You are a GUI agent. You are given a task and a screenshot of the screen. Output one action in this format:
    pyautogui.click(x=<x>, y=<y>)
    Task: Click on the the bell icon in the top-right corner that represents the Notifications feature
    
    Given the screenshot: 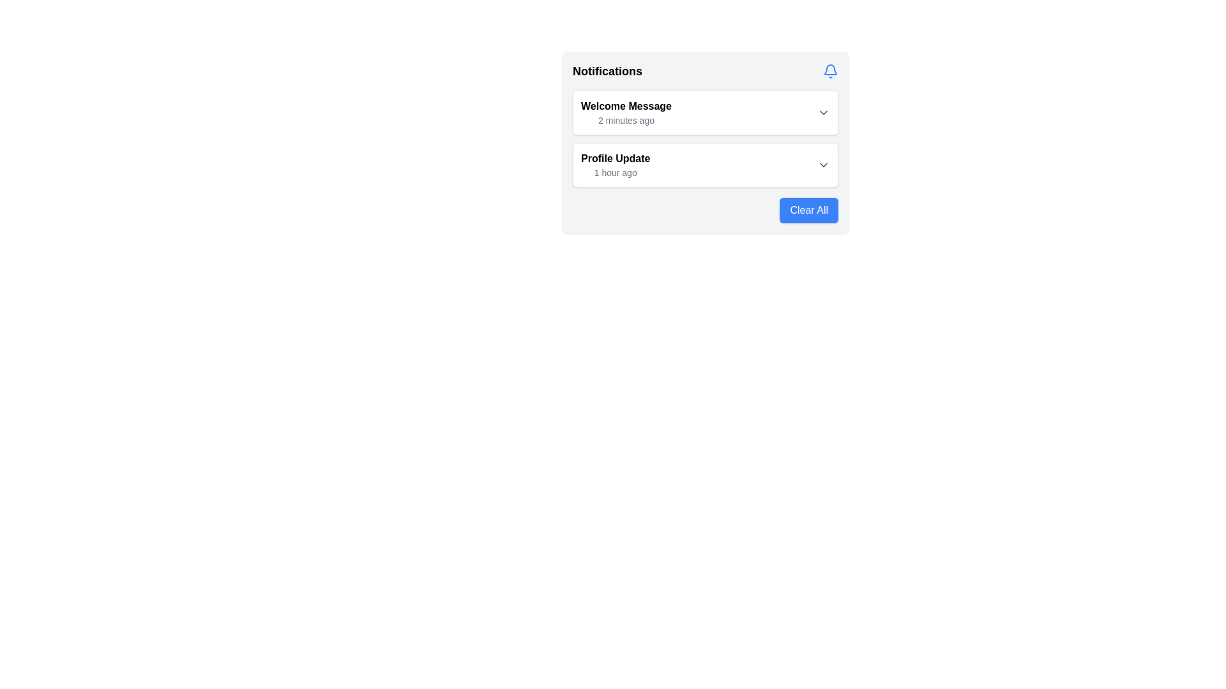 What is the action you would take?
    pyautogui.click(x=830, y=71)
    